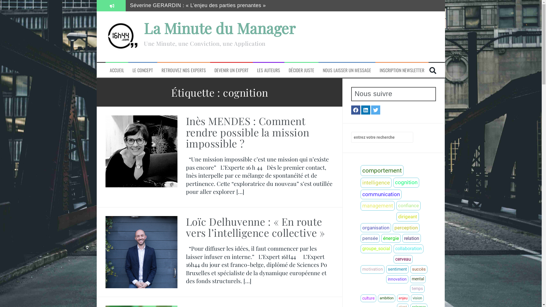 This screenshot has width=546, height=307. Describe the element at coordinates (406, 182) in the screenshot. I see `'cognition'` at that location.